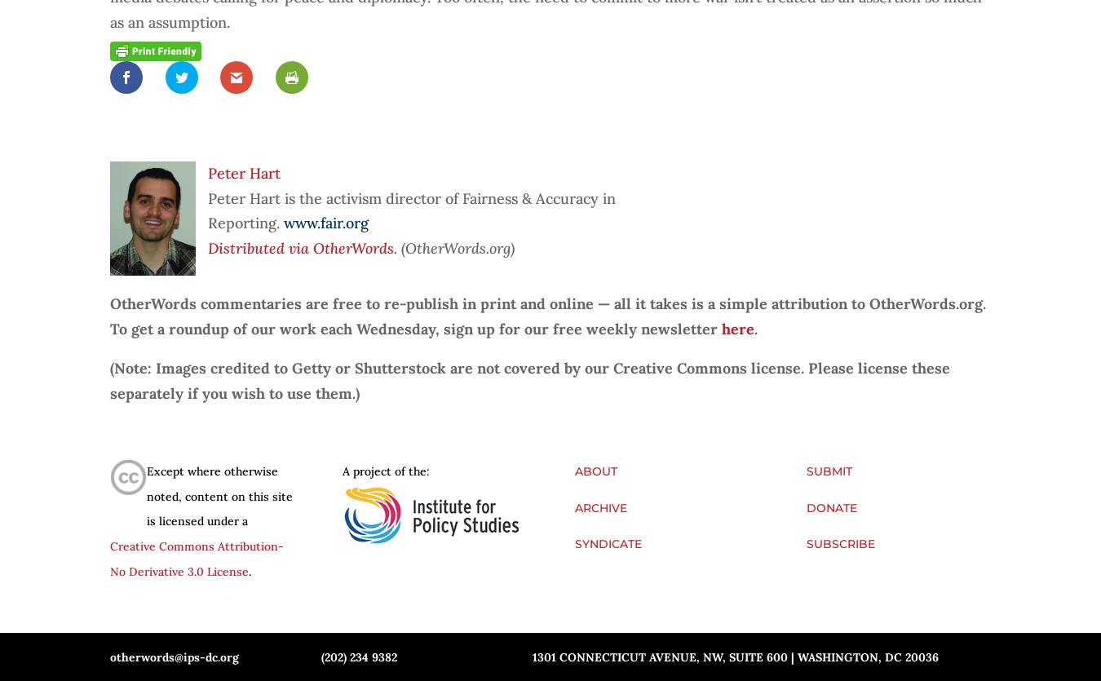 Image resolution: width=1101 pixels, height=681 pixels. Describe the element at coordinates (548, 316) in the screenshot. I see `'OtherWords commentaries are free to re-publish in print and online — all it takes is a simple attribution to OtherWords.org. To get a roundup of our work each Wednesday, sign up for our free weekly newsletter'` at that location.